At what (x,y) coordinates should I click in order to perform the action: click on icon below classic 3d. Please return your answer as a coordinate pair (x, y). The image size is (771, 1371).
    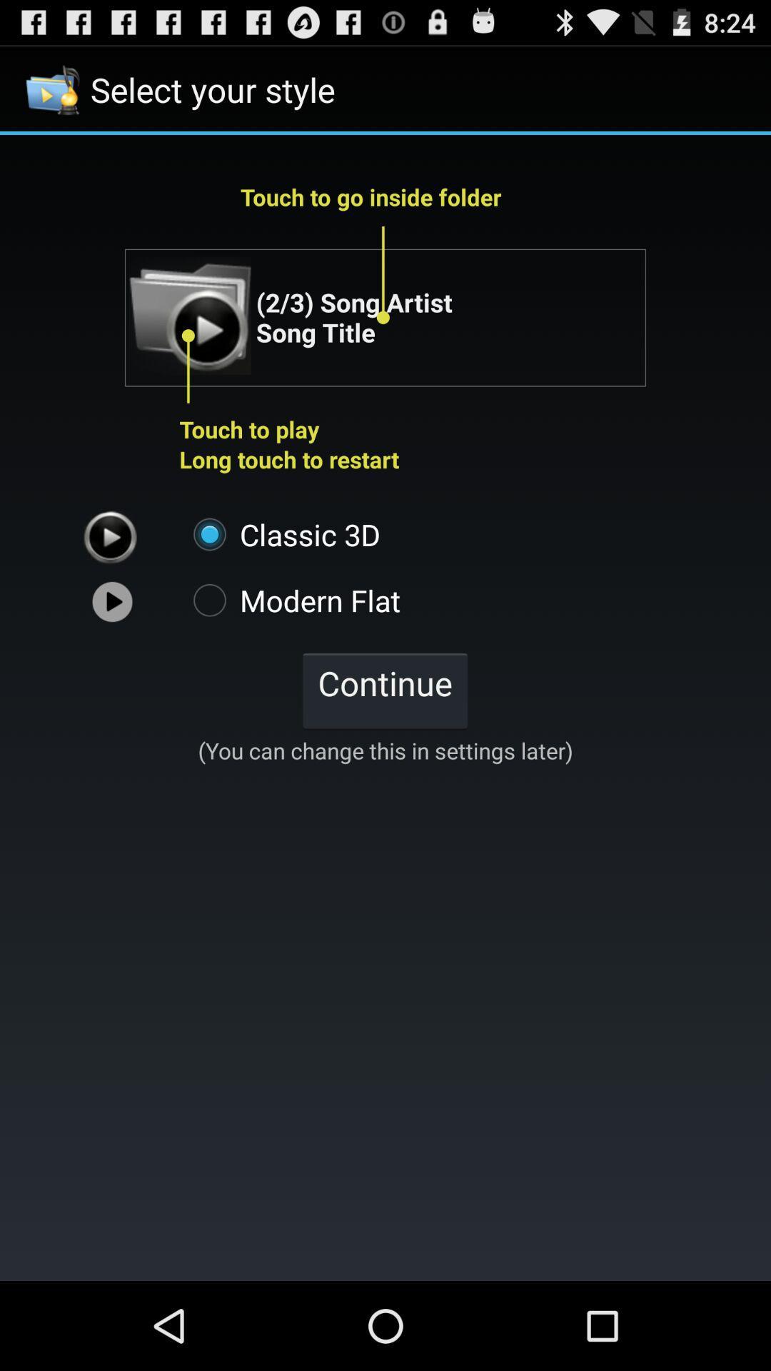
    Looking at the image, I should click on (289, 600).